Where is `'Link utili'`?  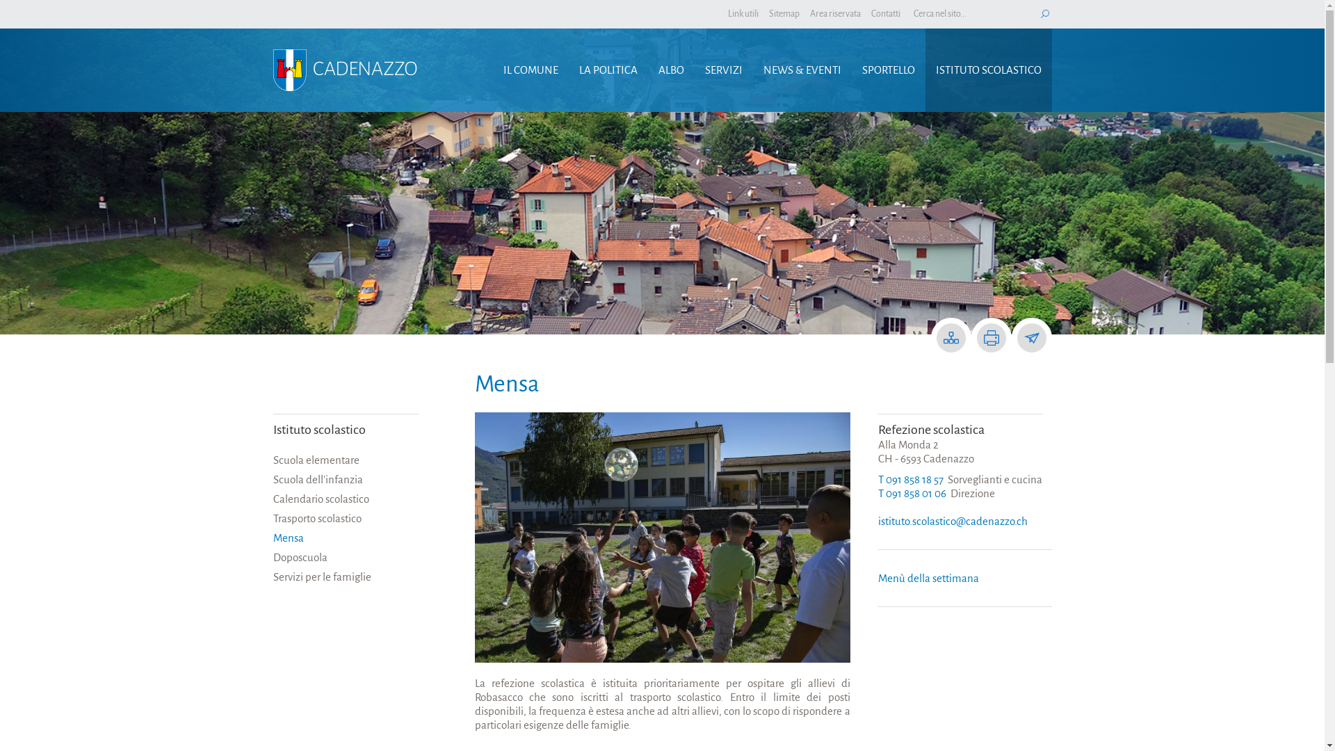
'Link utili' is located at coordinates (742, 14).